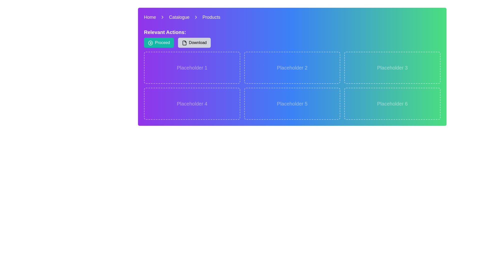 The height and width of the screenshot is (270, 480). Describe the element at coordinates (192, 103) in the screenshot. I see `the placeholder box located in the first column of the second row of the grid structure, which serves as a visual indicator or space for content` at that location.